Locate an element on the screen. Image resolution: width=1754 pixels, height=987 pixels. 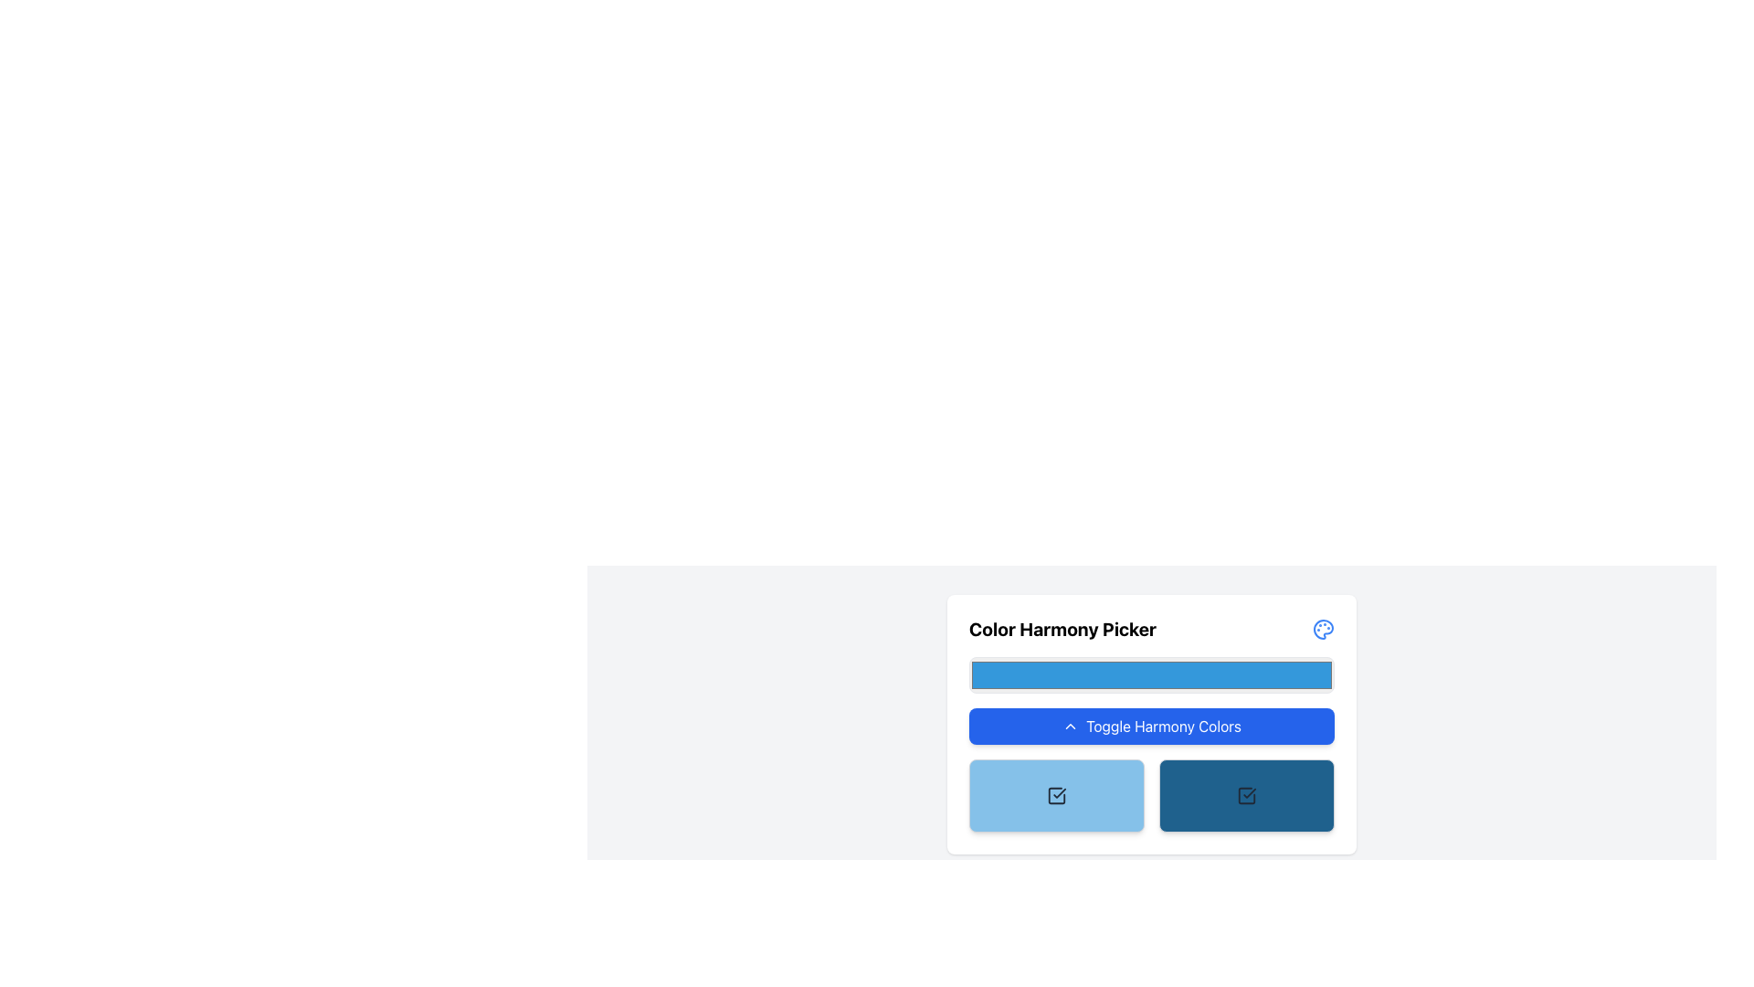
the 'Color Harmony Picker' text label, which is displayed in bold, large black font at the top left of a card-like structure is located at coordinates (1062, 629).